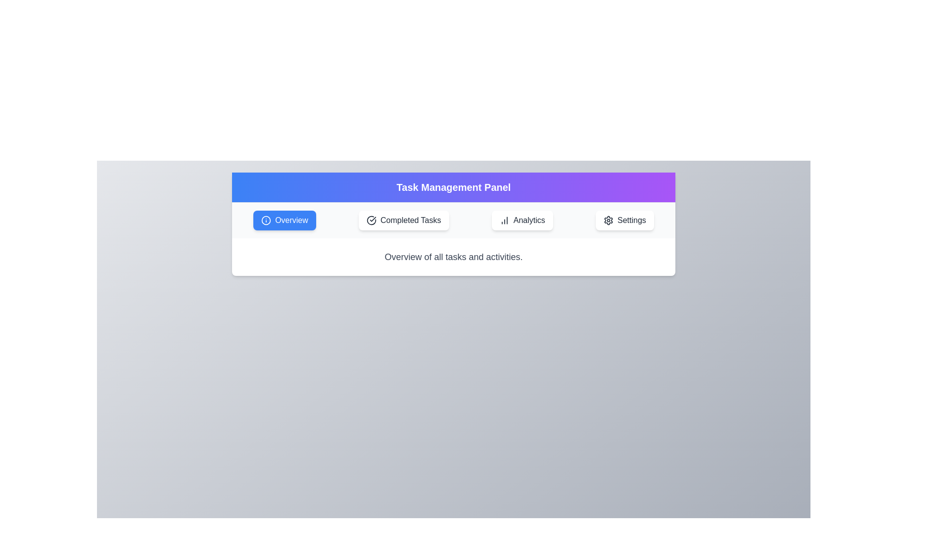  What do you see at coordinates (624, 220) in the screenshot?
I see `the 'Settings' button, which is a white button with a cogwheel icon, located at the far right of the horizontal menu bar` at bounding box center [624, 220].